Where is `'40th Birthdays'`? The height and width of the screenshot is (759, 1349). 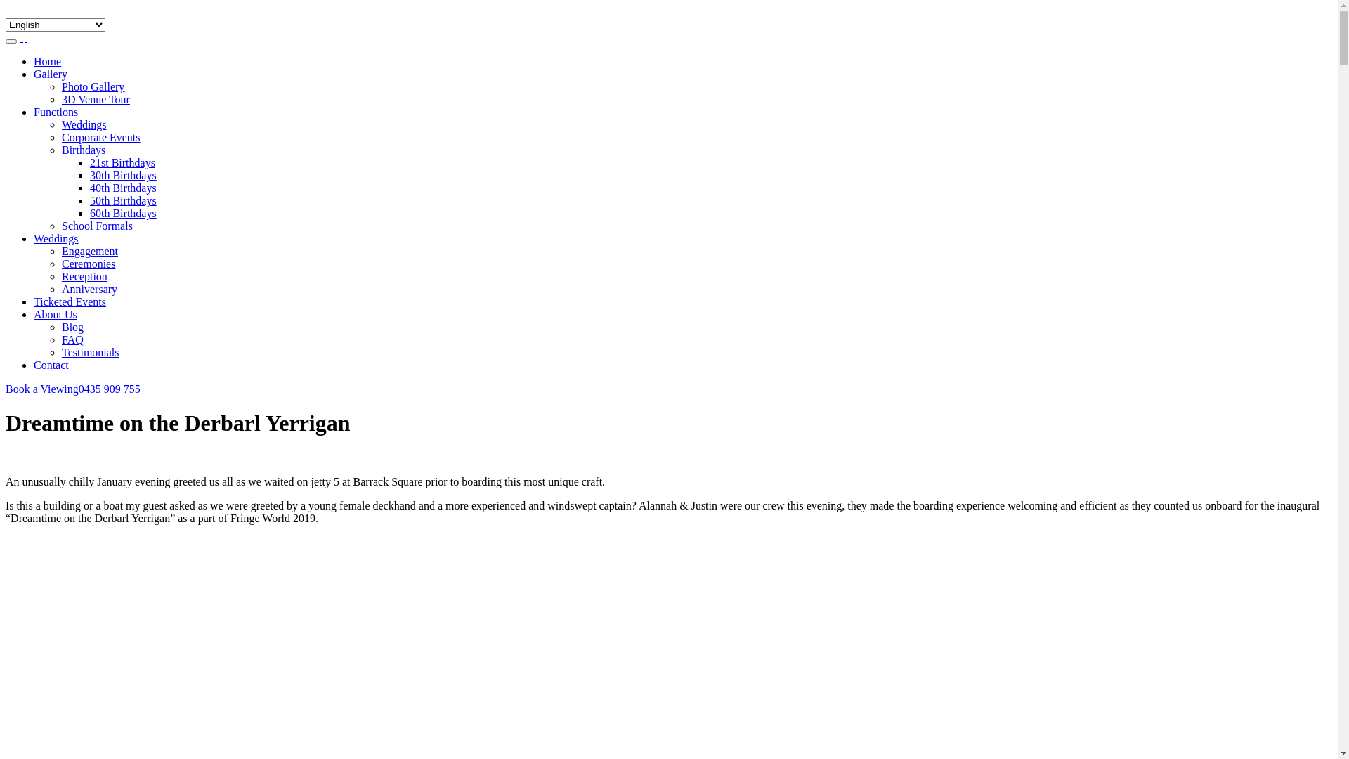 '40th Birthdays' is located at coordinates (123, 187).